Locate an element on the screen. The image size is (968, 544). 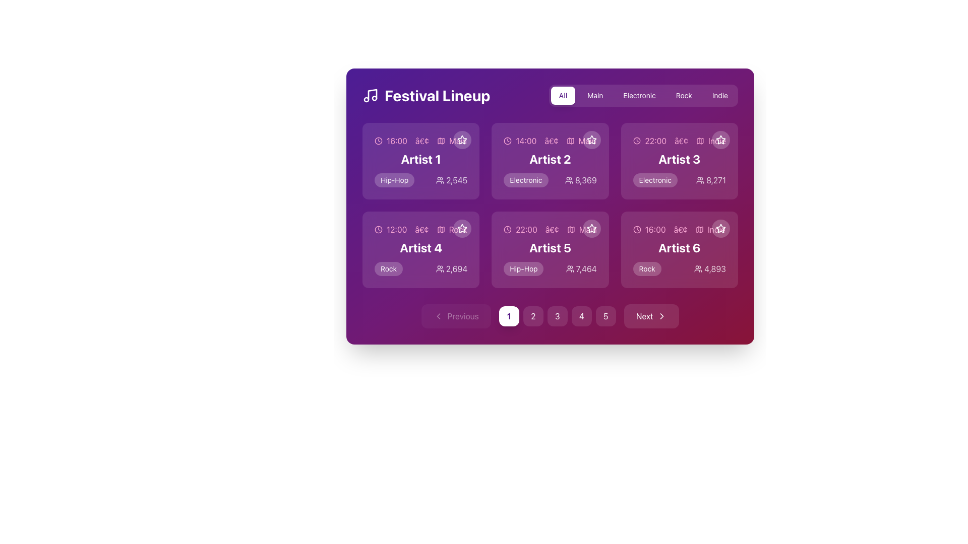
the text label displaying 'Artist 6' in bold white font against a purple background, located in the sixth box of the grid layout under '16:00 • Indie' is located at coordinates (679, 248).